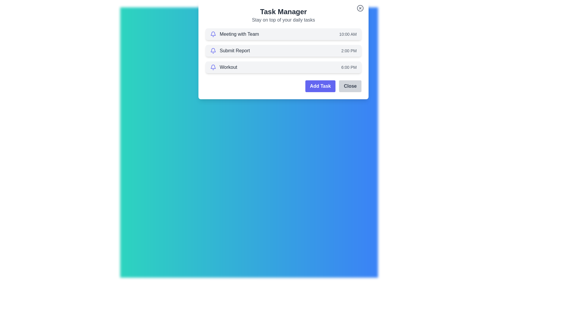  What do you see at coordinates (283, 51) in the screenshot?
I see `to interact with the task item located in the middle of the list, which displays the task name and associated time` at bounding box center [283, 51].